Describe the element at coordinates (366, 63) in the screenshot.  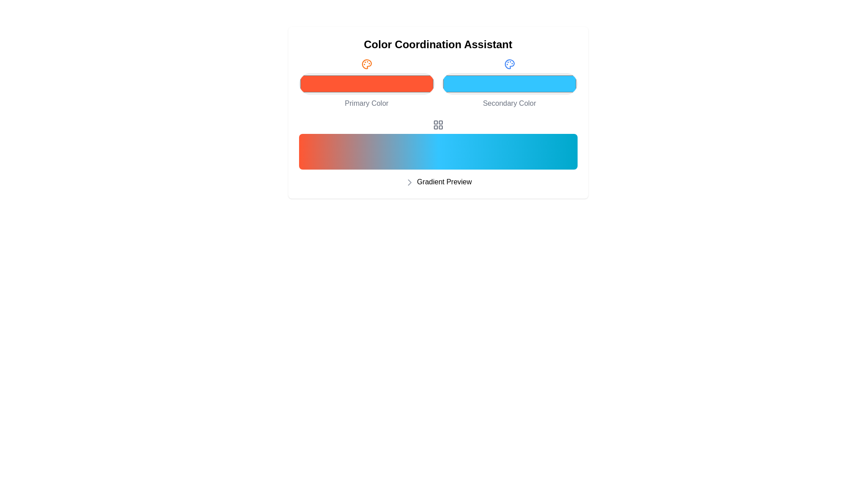
I see `the decorative icon representing the 'Primary Color' input, which is positioned above the text 'Primary Color' within the orange rectangular interface component` at that location.